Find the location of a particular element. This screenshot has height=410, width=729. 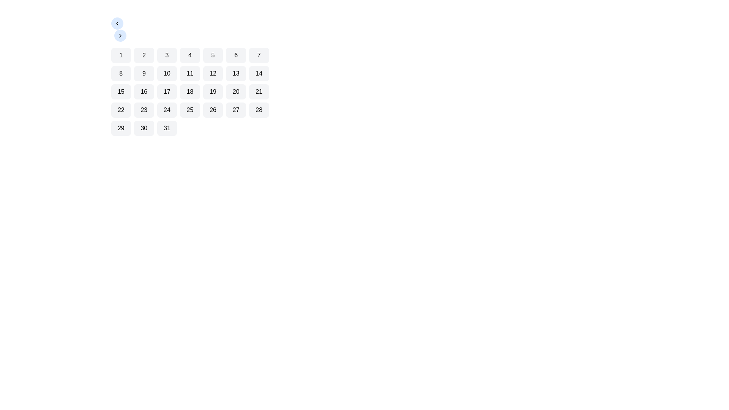

the button representing the fourth day in the calendar view is located at coordinates (190, 55).